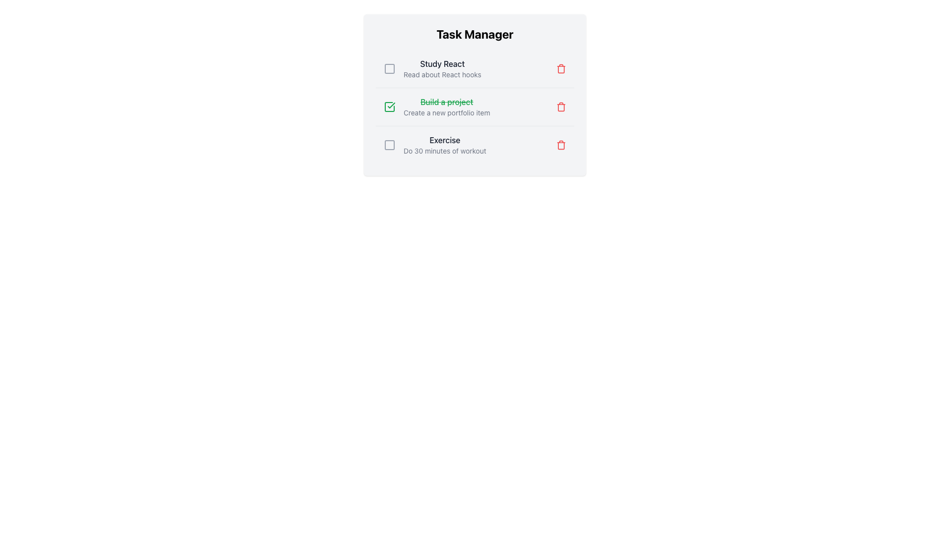 The image size is (952, 535). What do you see at coordinates (561, 107) in the screenshot?
I see `the lower part of the red trash bin icon in the Task Manager interface, which is styled with sharp lines and is the second element among its siblings` at bounding box center [561, 107].